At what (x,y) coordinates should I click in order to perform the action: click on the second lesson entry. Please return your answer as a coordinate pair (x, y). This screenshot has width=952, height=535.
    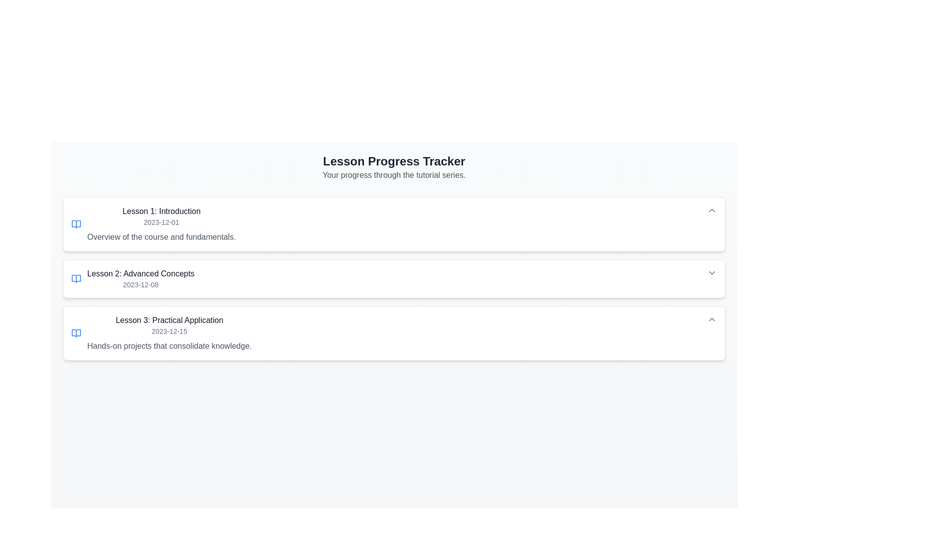
    Looking at the image, I should click on (132, 279).